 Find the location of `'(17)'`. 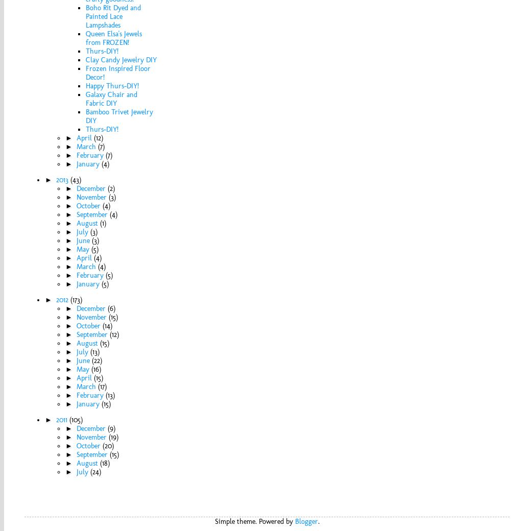

'(17)' is located at coordinates (101, 386).